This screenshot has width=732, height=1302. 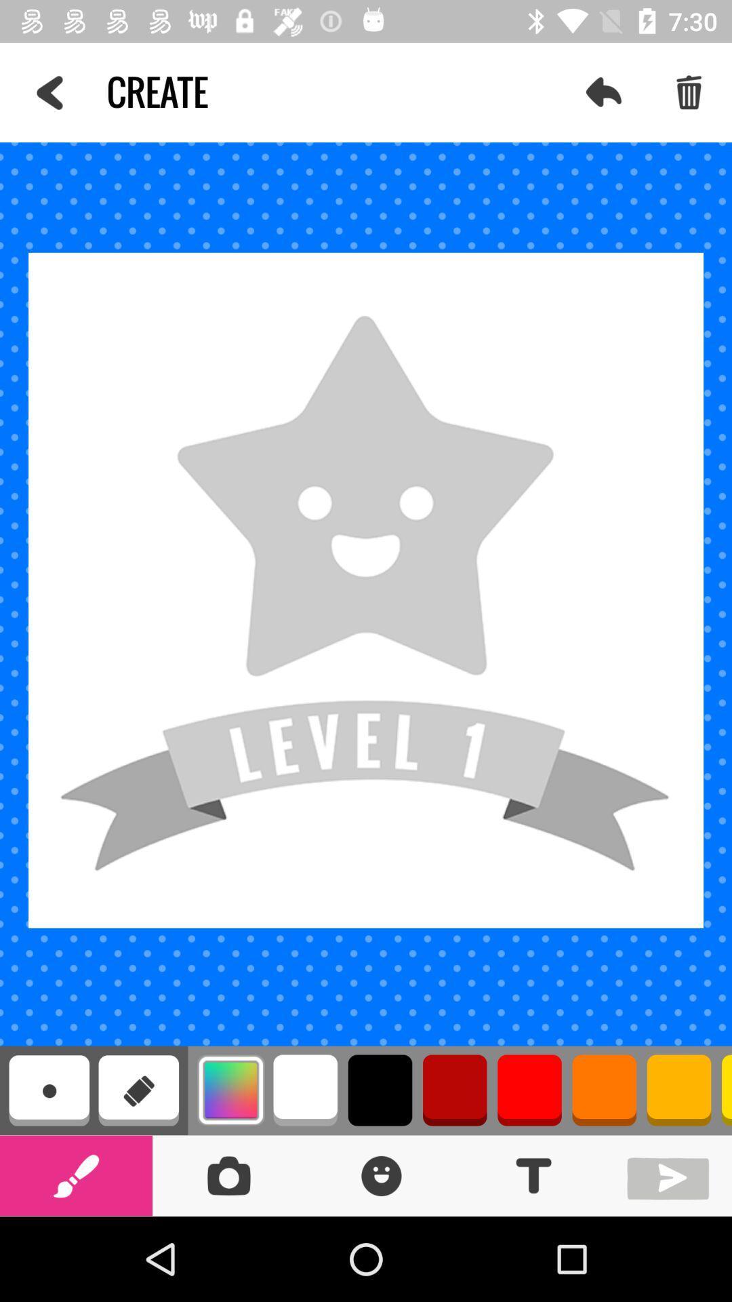 What do you see at coordinates (671, 1175) in the screenshot?
I see `the arrow_forward icon` at bounding box center [671, 1175].